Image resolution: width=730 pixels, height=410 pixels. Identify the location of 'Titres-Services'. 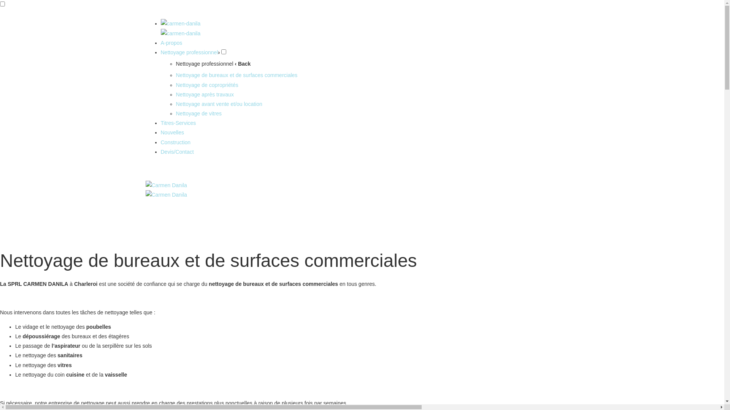
(160, 123).